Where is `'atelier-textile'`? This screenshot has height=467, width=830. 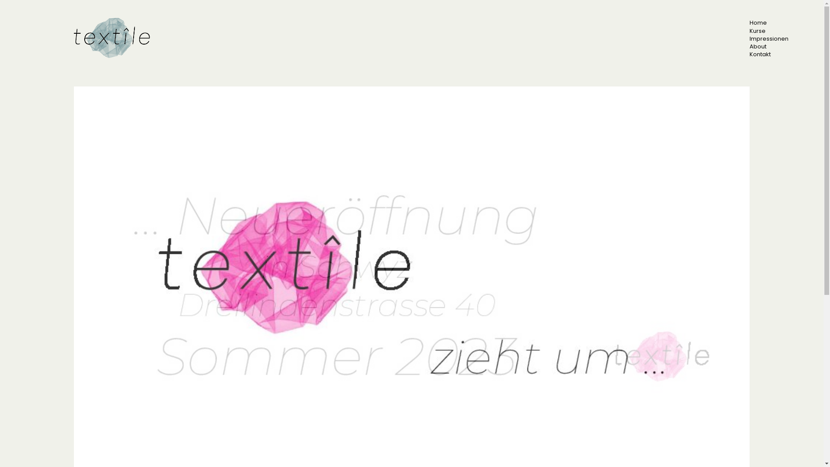
'atelier-textile' is located at coordinates (113, 38).